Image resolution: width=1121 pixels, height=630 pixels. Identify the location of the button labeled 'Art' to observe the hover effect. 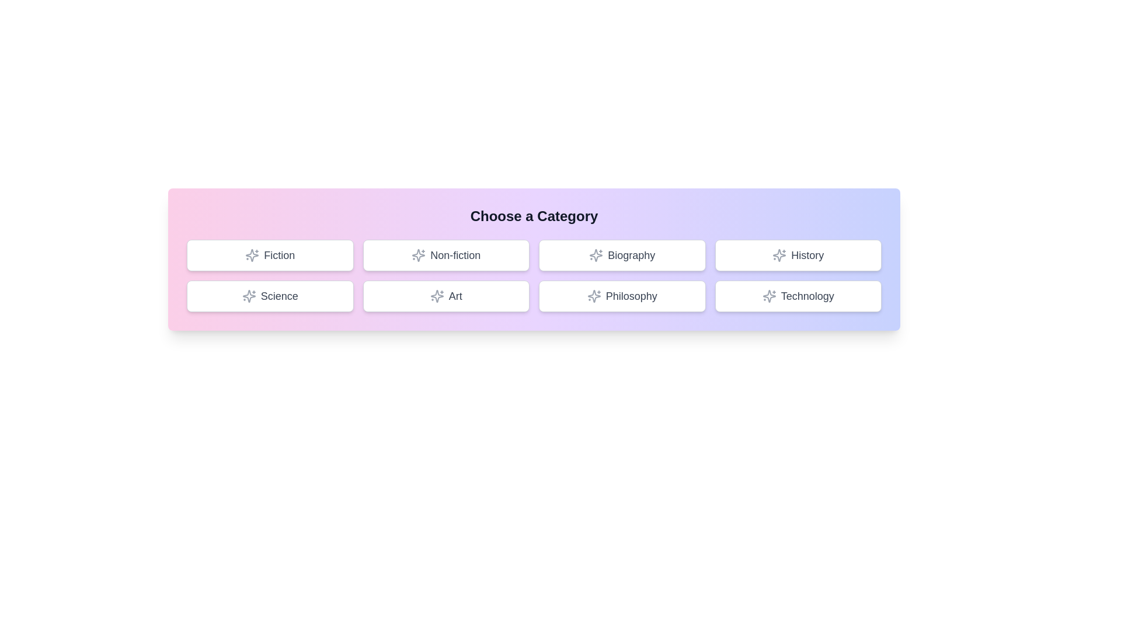
(445, 296).